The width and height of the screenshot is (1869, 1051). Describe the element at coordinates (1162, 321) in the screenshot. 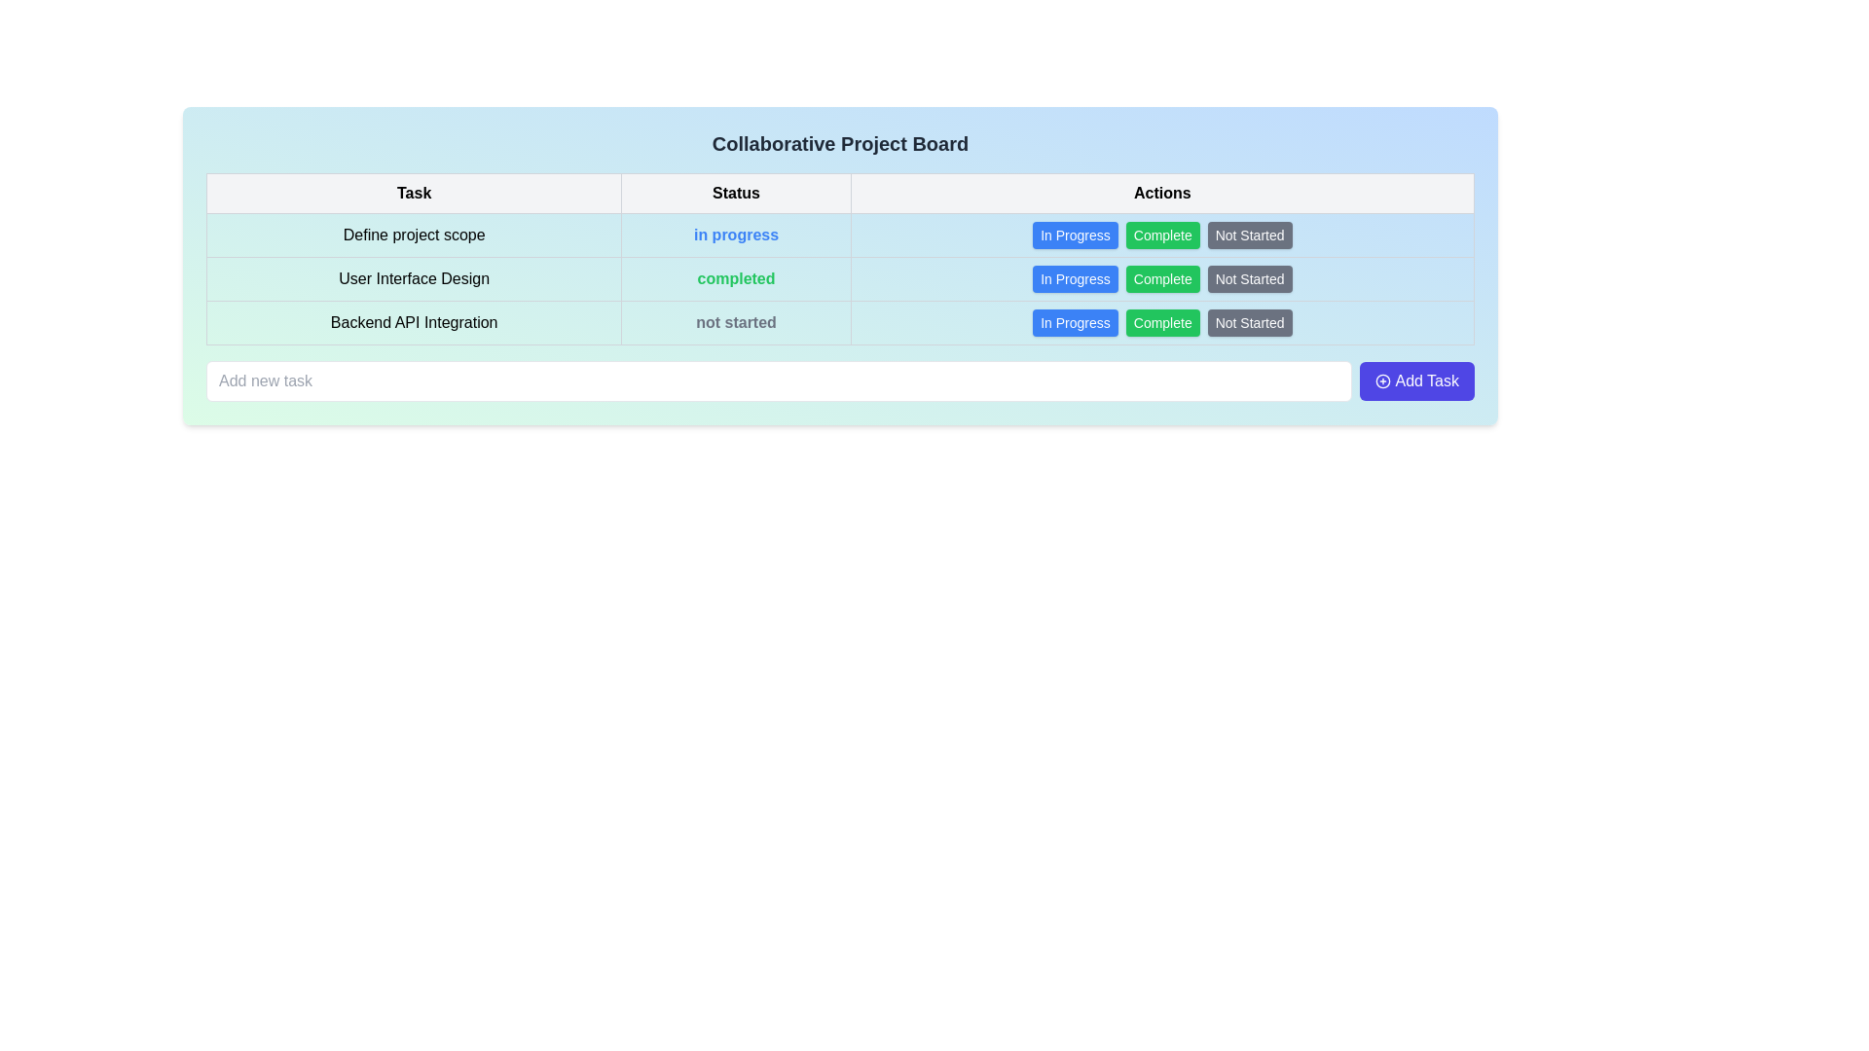

I see `the Grouped Buttons located in the 'Actions' column of the 'Backend API Integration' row for keyboard navigation` at that location.